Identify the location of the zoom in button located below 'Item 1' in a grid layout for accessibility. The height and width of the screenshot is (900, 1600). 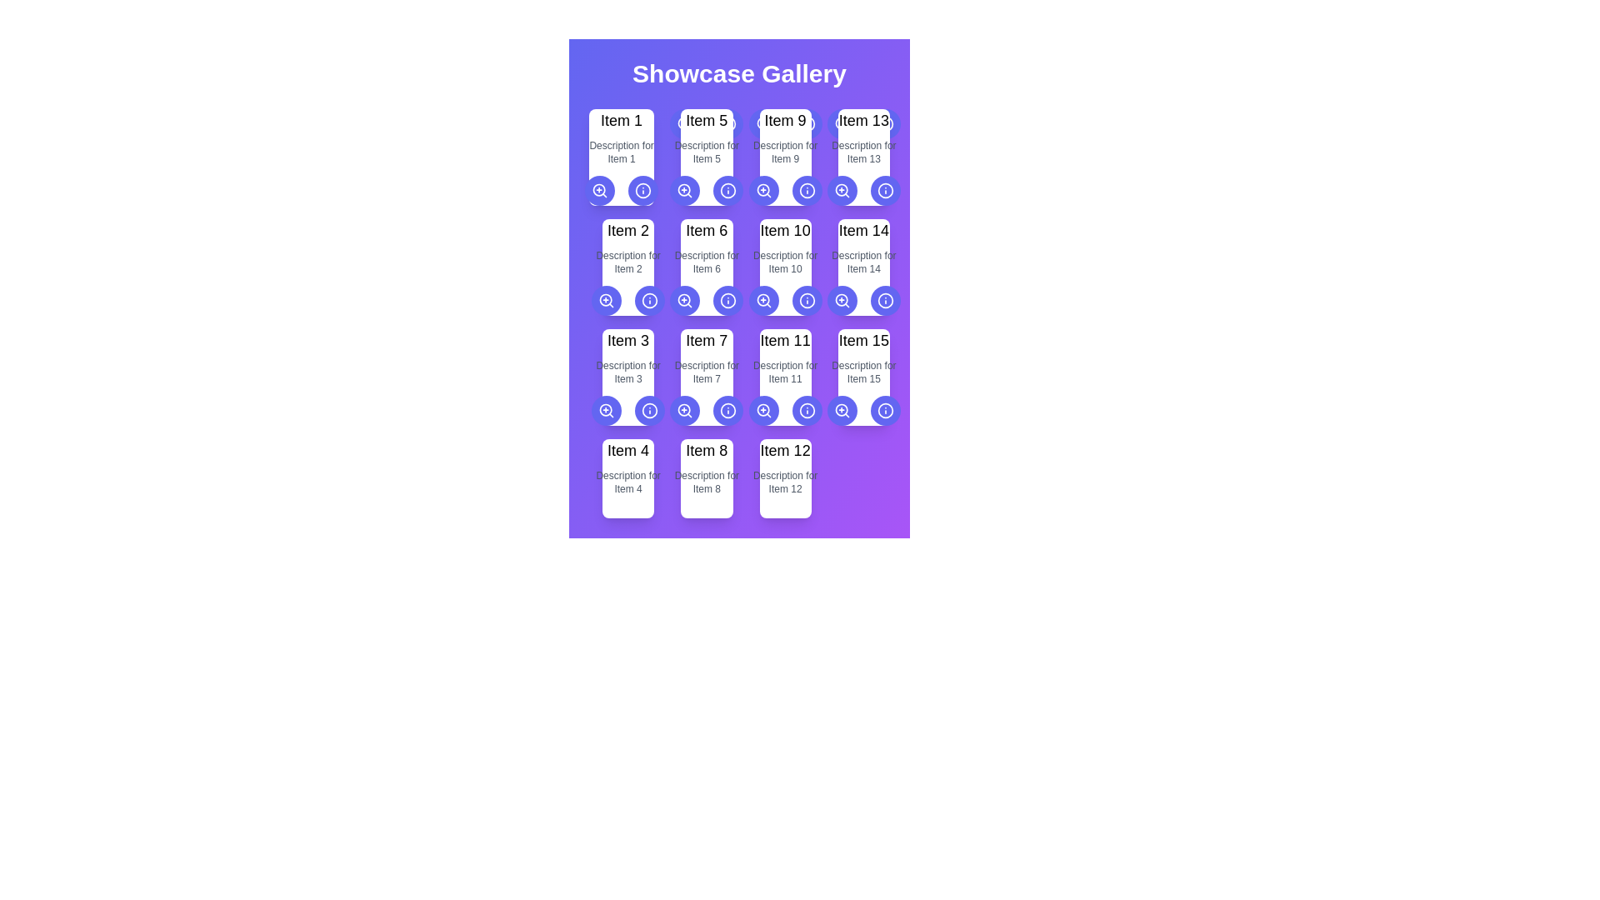
(600, 189).